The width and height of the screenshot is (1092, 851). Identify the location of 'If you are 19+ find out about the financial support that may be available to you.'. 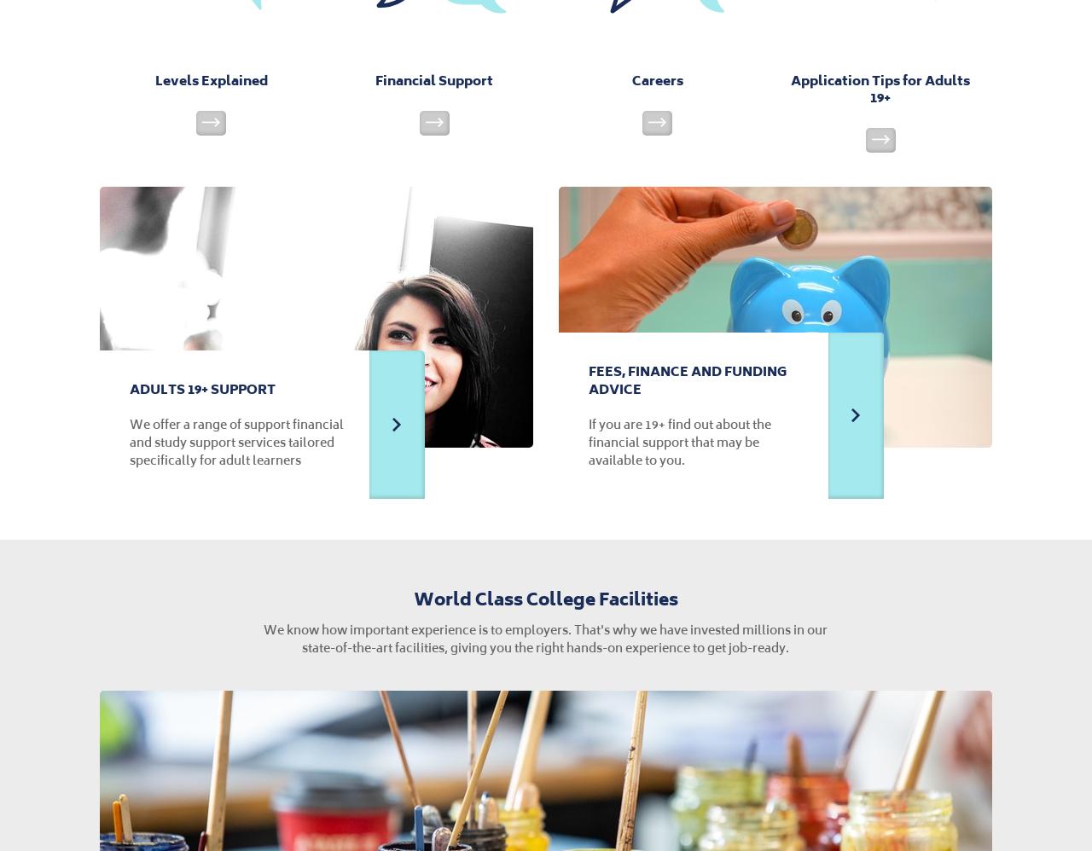
(679, 441).